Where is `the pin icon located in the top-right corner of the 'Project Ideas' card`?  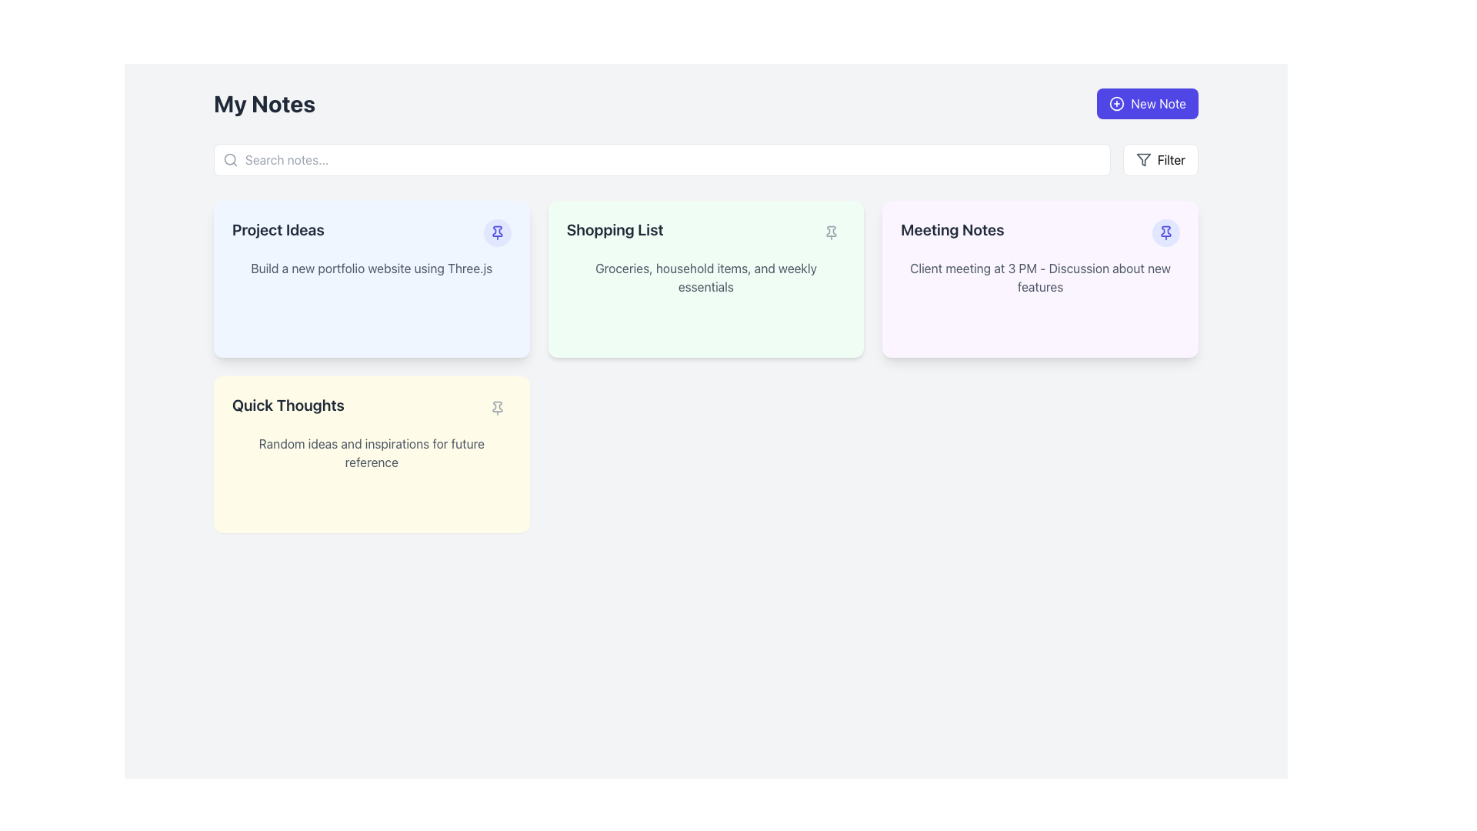 the pin icon located in the top-right corner of the 'Project Ideas' card is located at coordinates (497, 233).